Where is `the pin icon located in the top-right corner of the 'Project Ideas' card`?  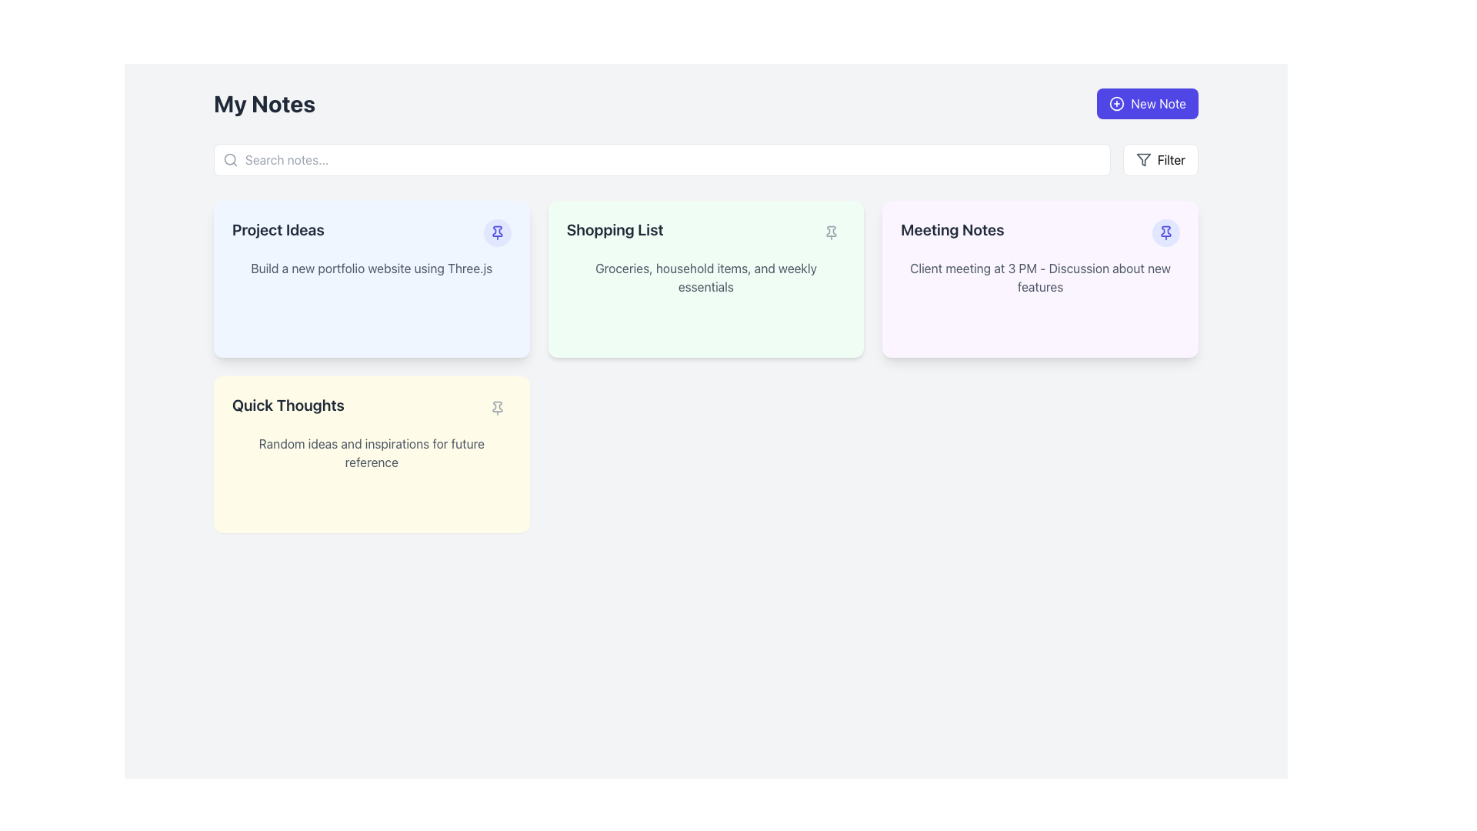 the pin icon located in the top-right corner of the 'Project Ideas' card is located at coordinates (497, 233).